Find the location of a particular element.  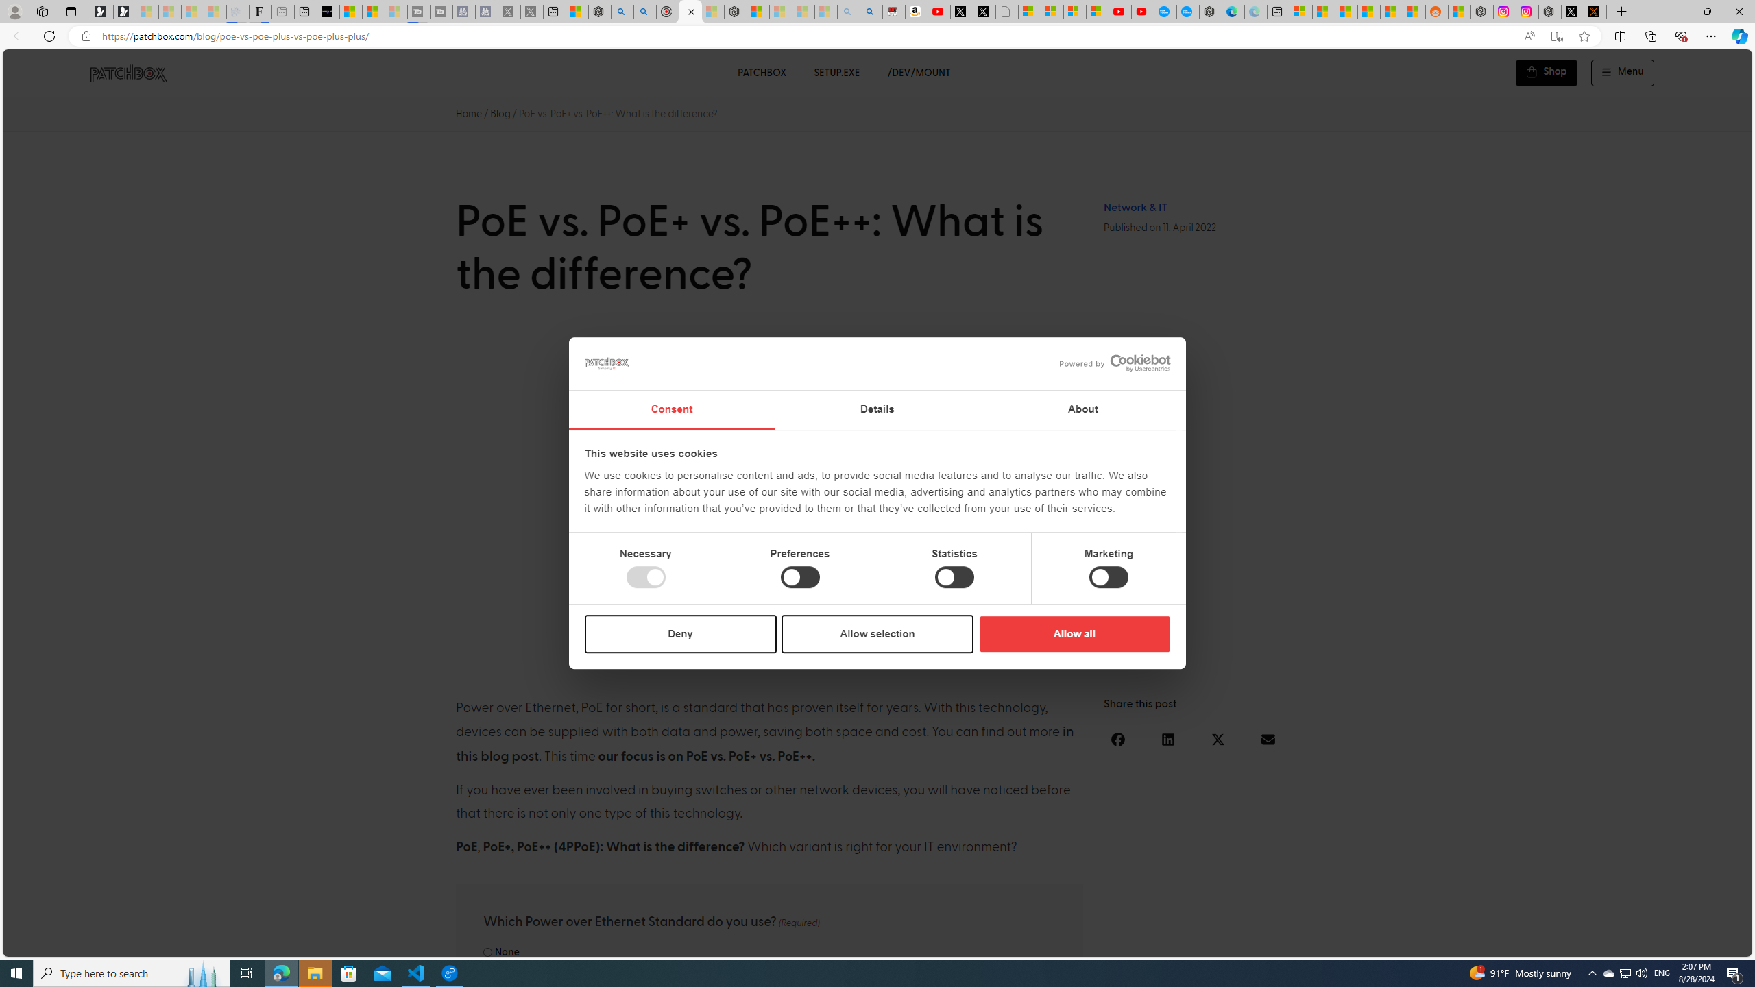

'Language switcher : Czech' is located at coordinates (1703, 943).